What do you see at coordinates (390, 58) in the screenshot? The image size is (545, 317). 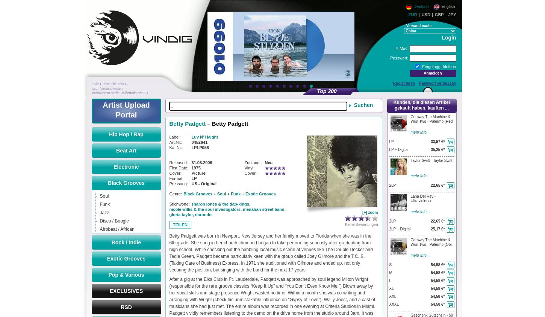 I see `'Passwort:'` at bounding box center [390, 58].